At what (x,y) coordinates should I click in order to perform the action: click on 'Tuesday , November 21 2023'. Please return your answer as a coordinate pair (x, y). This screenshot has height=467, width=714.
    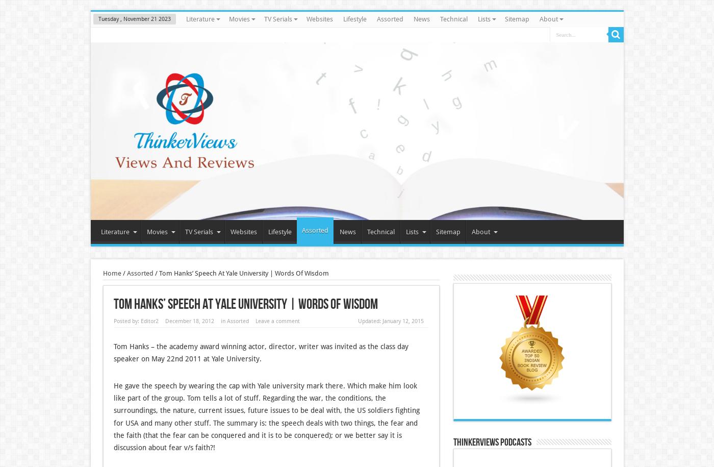
    Looking at the image, I should click on (97, 19).